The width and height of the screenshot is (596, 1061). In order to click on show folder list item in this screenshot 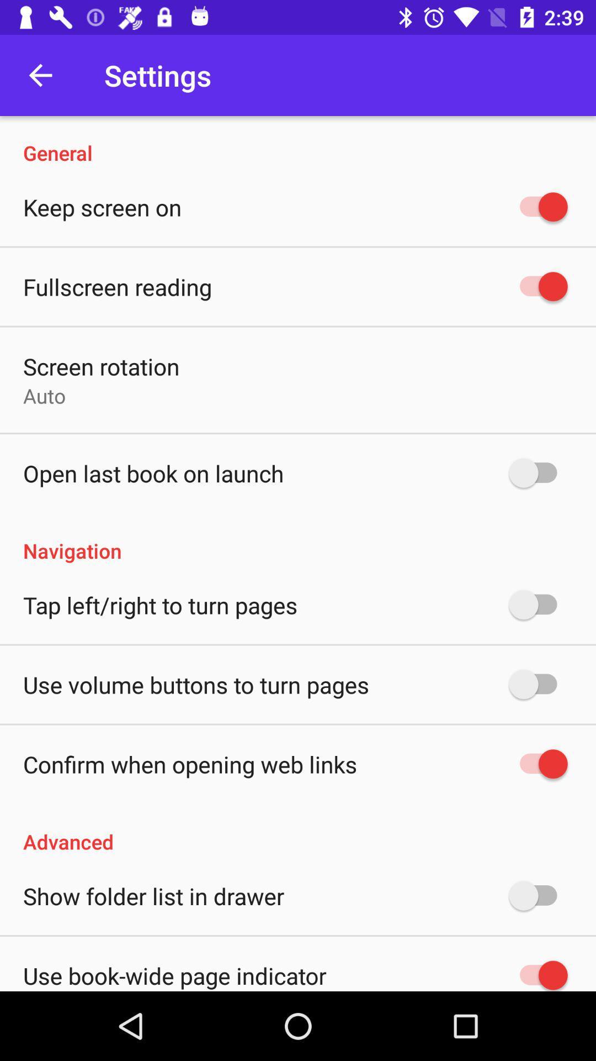, I will do `click(153, 896)`.